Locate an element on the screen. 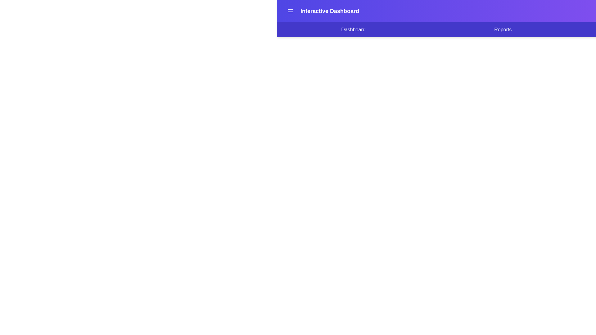 This screenshot has height=335, width=596. the 'Dashboard' text label, which is the first item in the navigation menu is located at coordinates (353, 30).